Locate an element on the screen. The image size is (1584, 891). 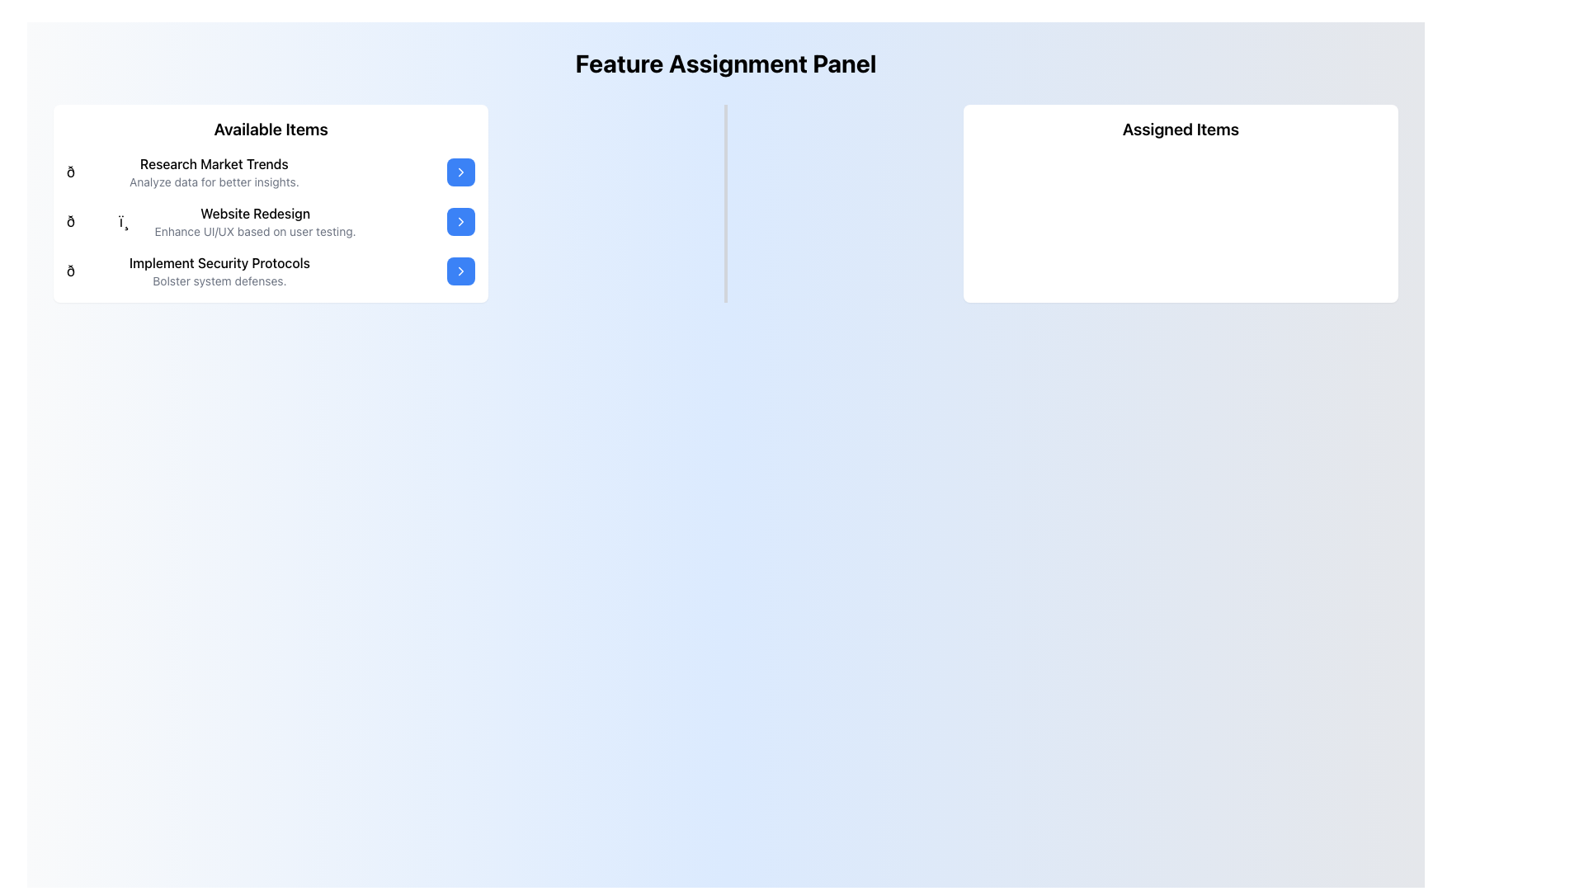
the list item labeled 'Implement Security Protocols' with a padlock icon is located at coordinates (188, 270).